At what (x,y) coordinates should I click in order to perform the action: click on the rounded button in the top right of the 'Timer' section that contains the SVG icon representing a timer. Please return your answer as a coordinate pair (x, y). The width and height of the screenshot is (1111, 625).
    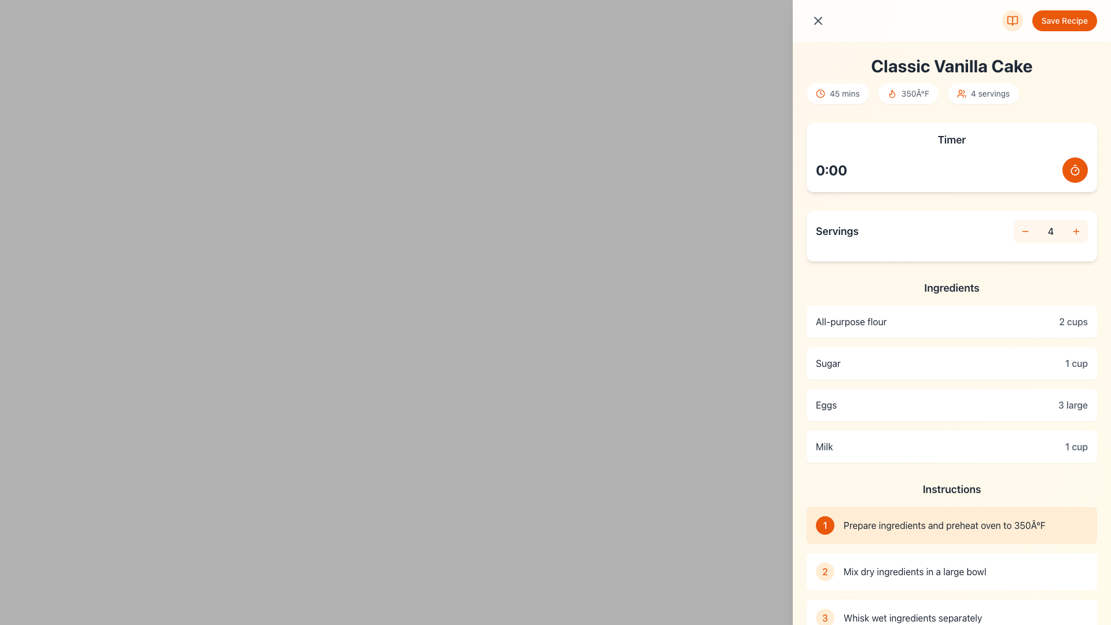
    Looking at the image, I should click on (1074, 170).